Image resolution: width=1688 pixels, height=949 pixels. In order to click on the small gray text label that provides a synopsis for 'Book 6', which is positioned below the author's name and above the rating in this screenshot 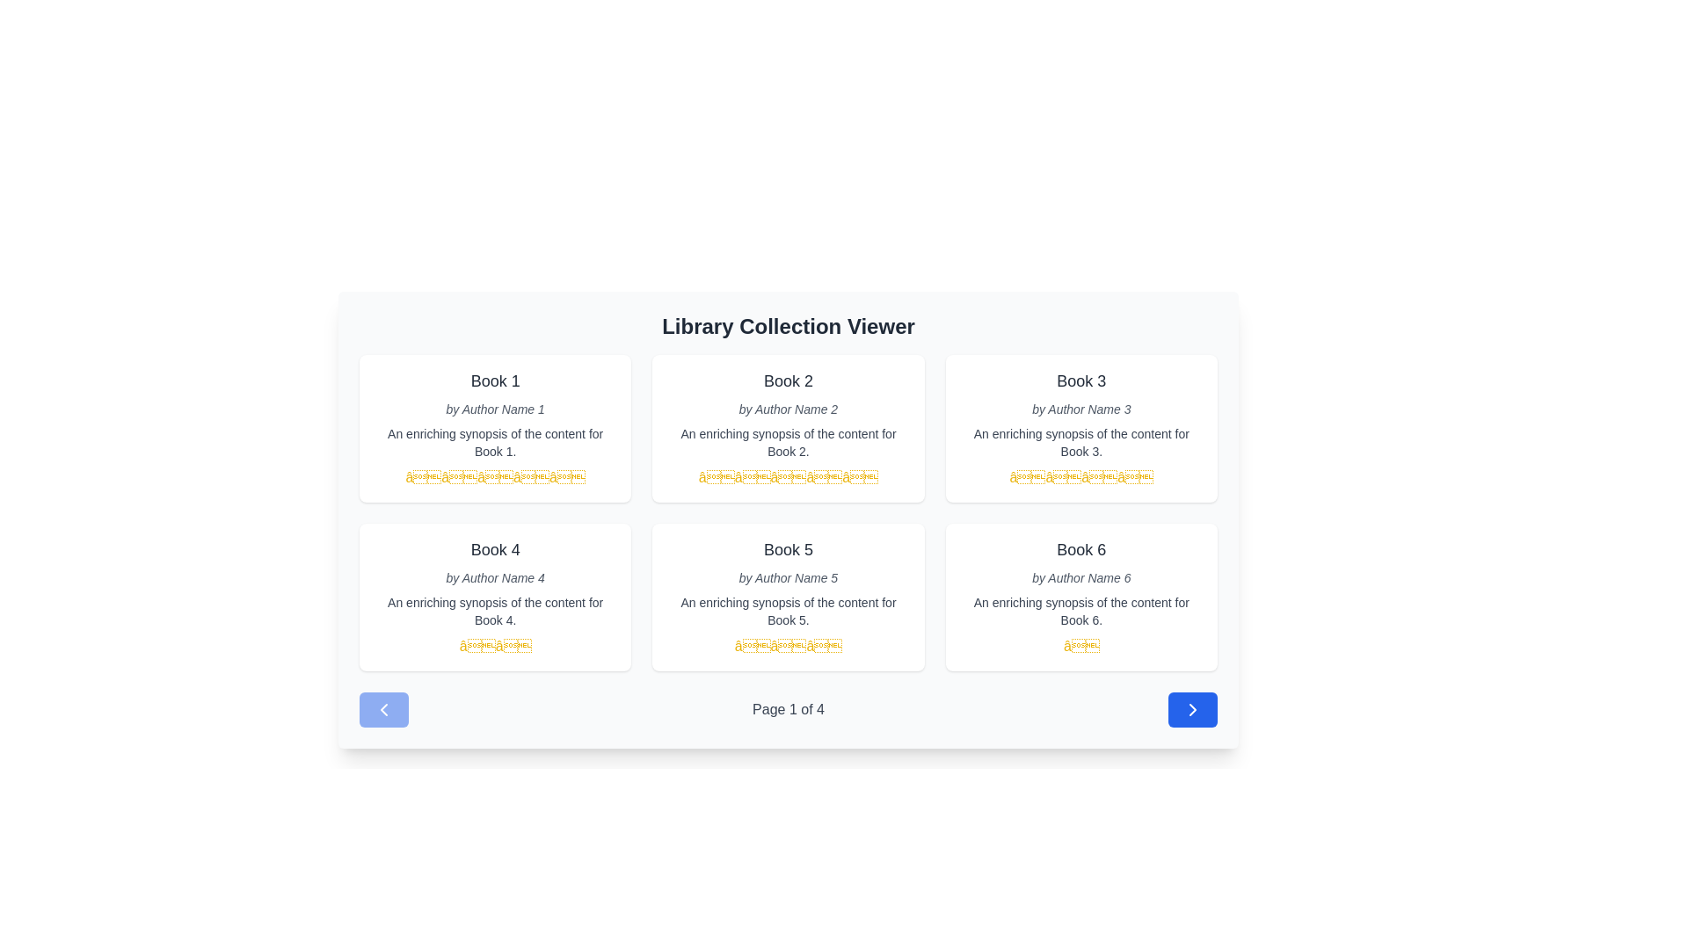, I will do `click(1080, 610)`.